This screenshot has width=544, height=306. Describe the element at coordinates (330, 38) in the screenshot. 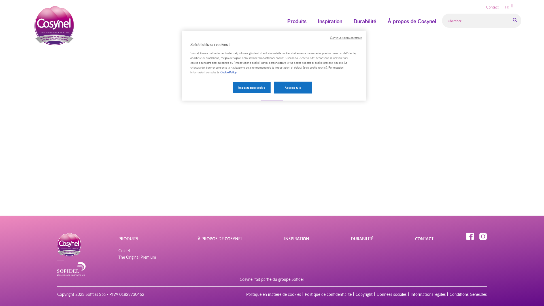

I see `'Continua senza accettare'` at that location.